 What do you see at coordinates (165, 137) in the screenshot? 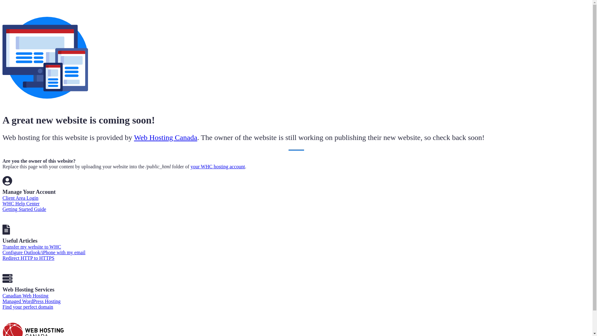
I see `'Web Hosting Canada'` at bounding box center [165, 137].